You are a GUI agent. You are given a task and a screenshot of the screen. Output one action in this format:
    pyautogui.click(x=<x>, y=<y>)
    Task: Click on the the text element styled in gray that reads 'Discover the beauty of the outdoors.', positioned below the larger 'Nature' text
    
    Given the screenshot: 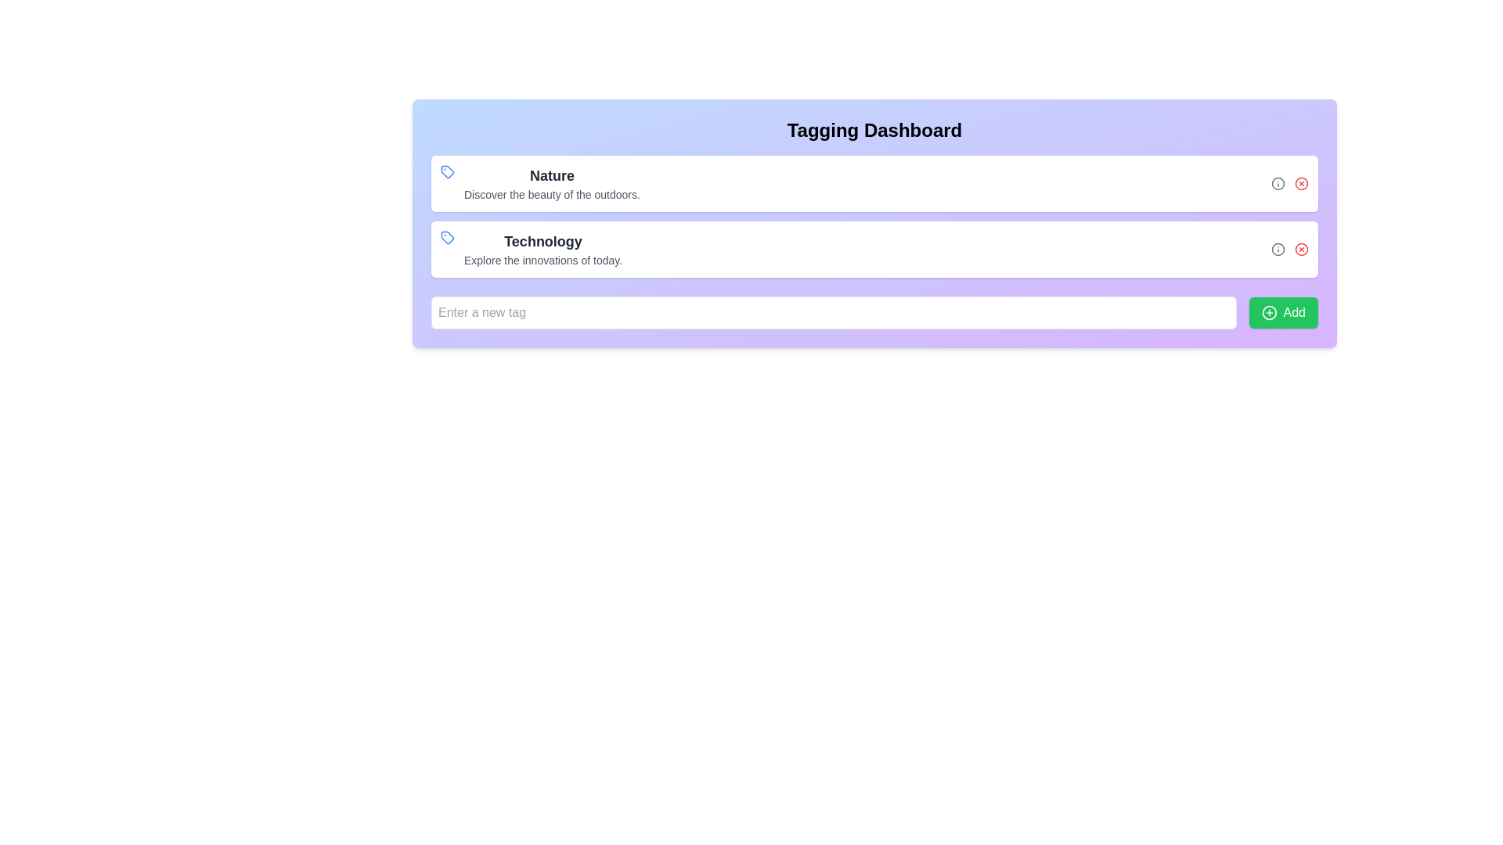 What is the action you would take?
    pyautogui.click(x=552, y=194)
    